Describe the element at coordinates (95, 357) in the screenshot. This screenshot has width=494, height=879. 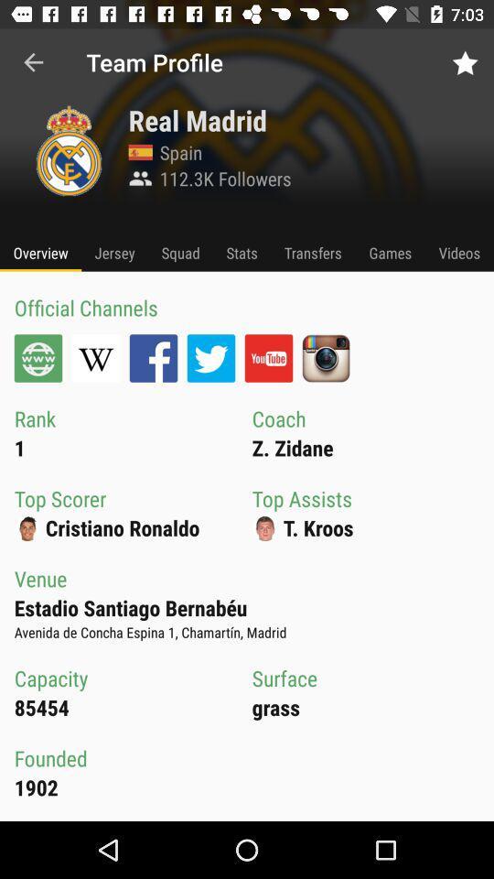
I see `the icon below official channels item` at that location.